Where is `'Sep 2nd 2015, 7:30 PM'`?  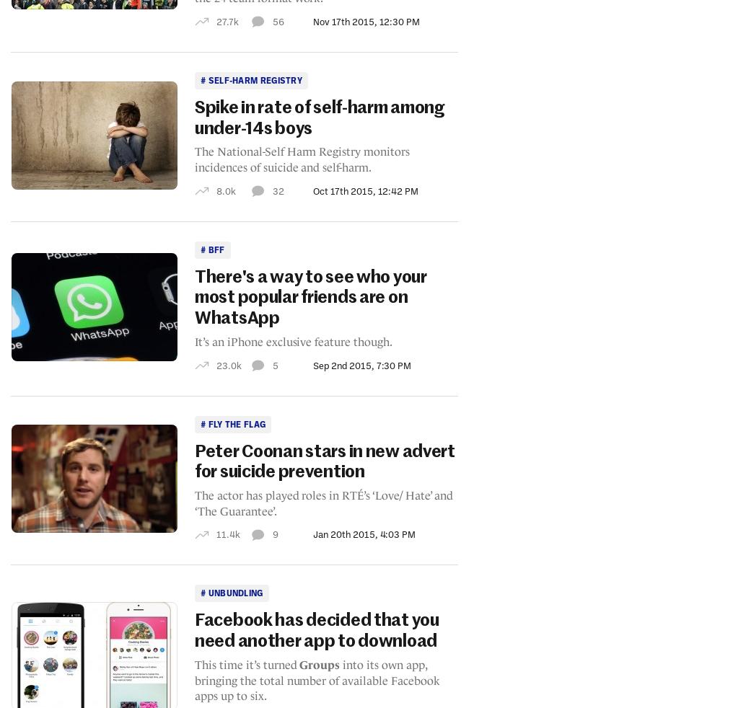
'Sep 2nd 2015, 7:30 PM' is located at coordinates (361, 364).